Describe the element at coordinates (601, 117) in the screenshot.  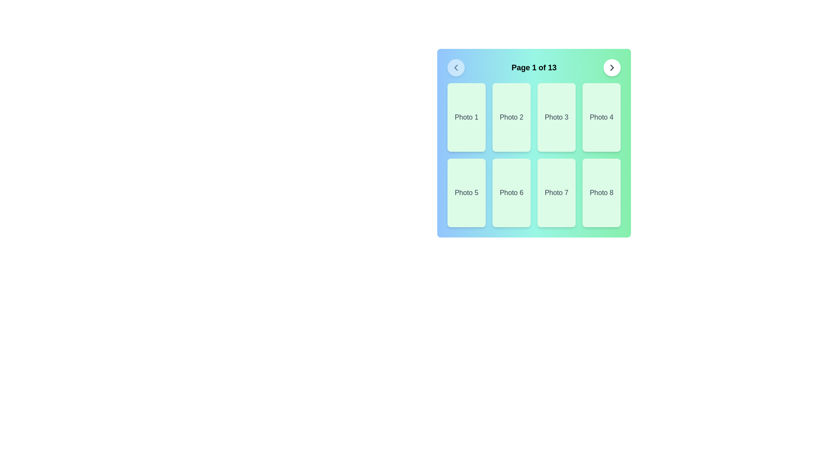
I see `the Button-like interactive card located in the first row and fourth column of the grid layout` at that location.